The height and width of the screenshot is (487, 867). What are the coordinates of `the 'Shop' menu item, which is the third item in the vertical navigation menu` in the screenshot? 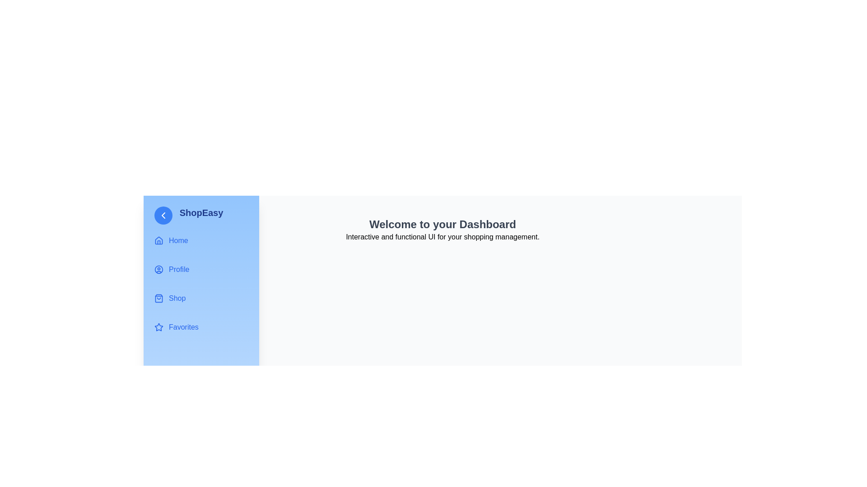 It's located at (201, 299).